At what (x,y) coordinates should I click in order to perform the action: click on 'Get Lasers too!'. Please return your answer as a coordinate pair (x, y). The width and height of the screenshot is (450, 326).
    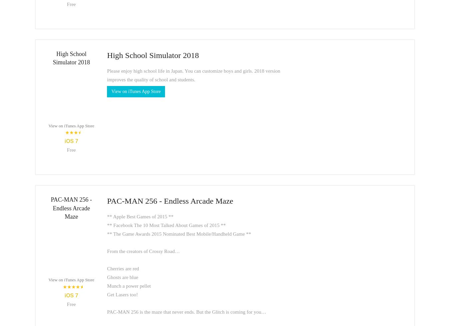
    Looking at the image, I should click on (122, 294).